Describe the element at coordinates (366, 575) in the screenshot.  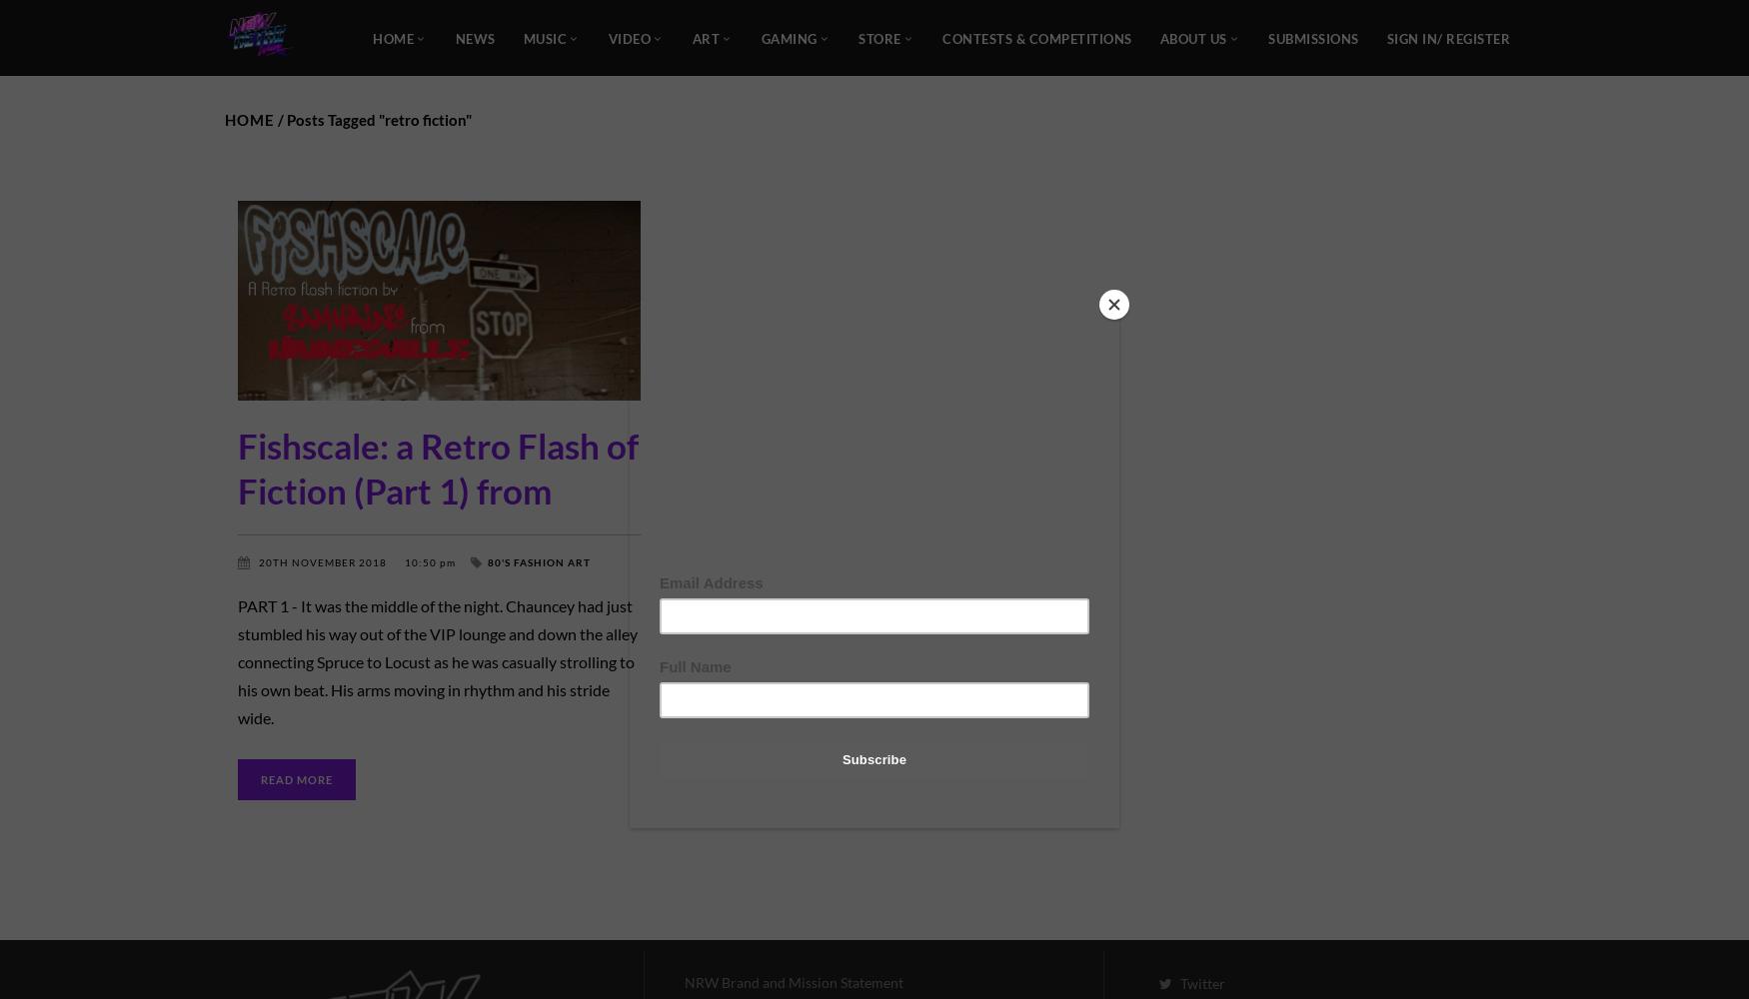
I see `'Sam HaiNe'` at that location.